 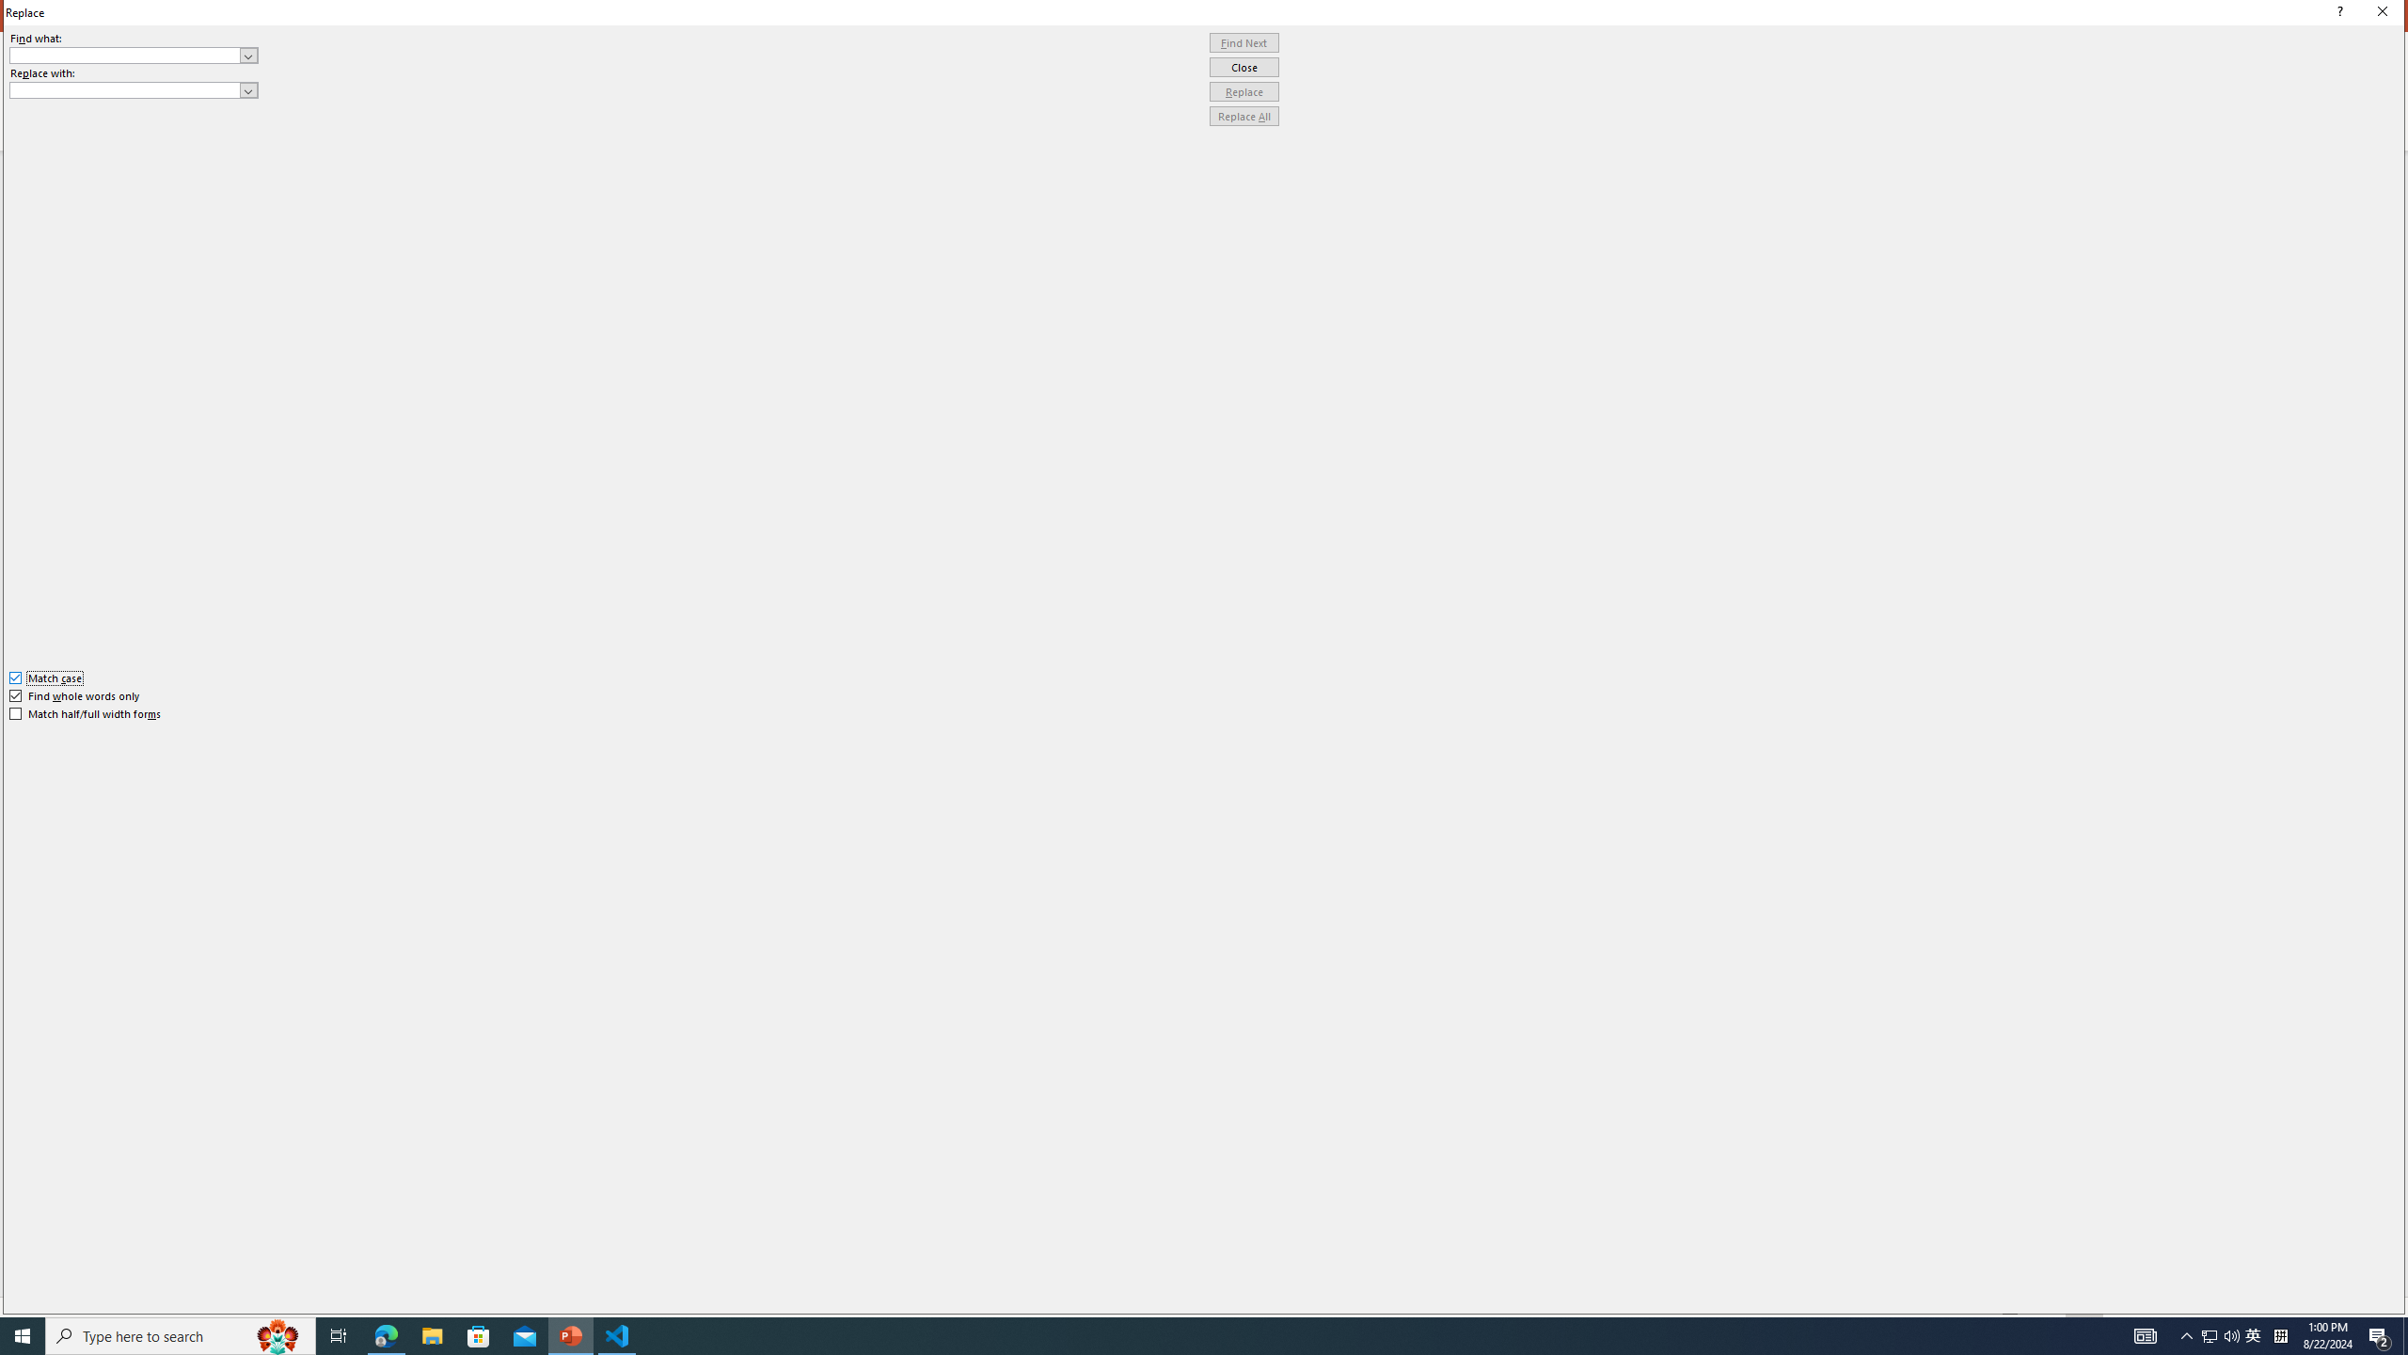 I want to click on 'Find Next', so click(x=1244, y=42).